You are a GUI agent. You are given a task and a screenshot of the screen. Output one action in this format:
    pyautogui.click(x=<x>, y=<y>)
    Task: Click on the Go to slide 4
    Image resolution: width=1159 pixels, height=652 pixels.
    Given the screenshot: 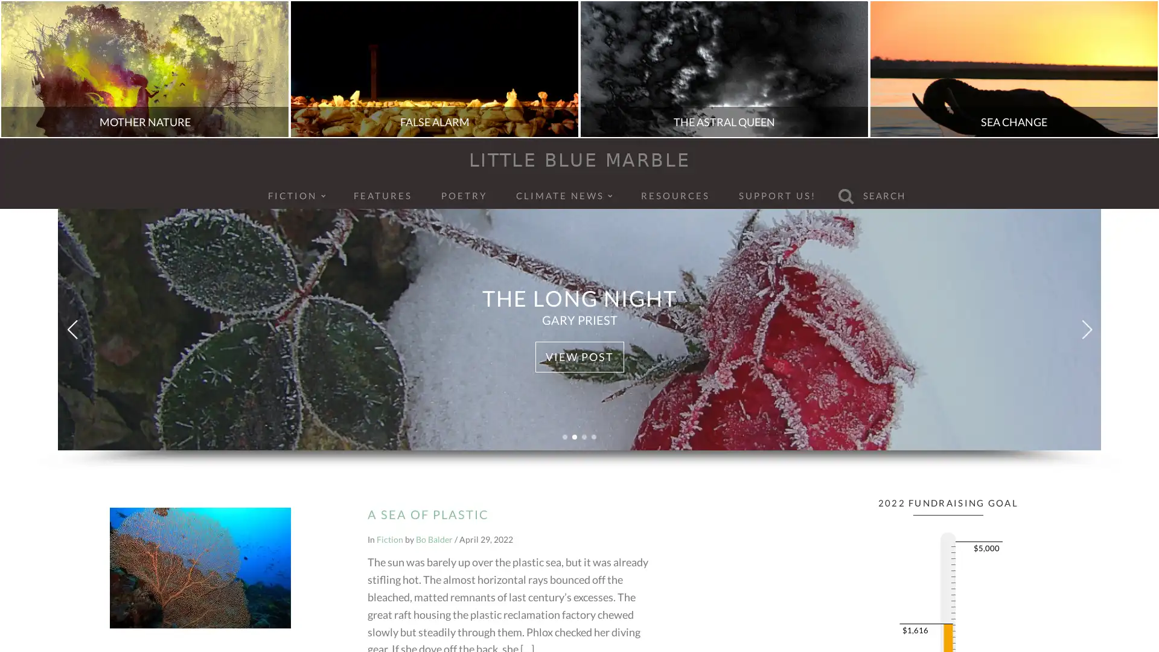 What is the action you would take?
    pyautogui.click(x=593, y=437)
    